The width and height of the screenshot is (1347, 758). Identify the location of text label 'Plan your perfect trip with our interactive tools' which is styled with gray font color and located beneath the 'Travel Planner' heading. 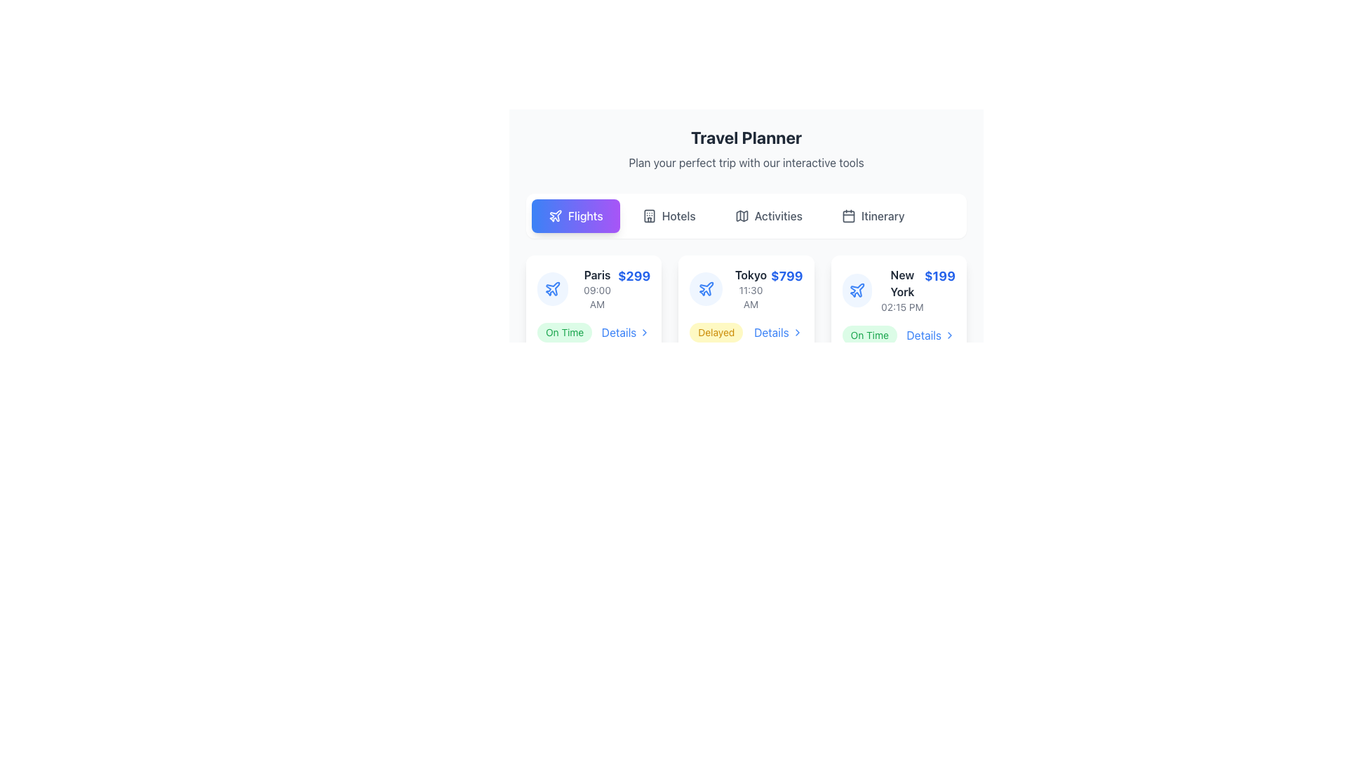
(746, 161).